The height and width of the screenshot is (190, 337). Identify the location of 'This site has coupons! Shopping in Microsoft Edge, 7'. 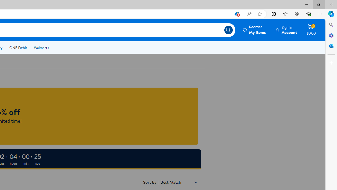
(236, 14).